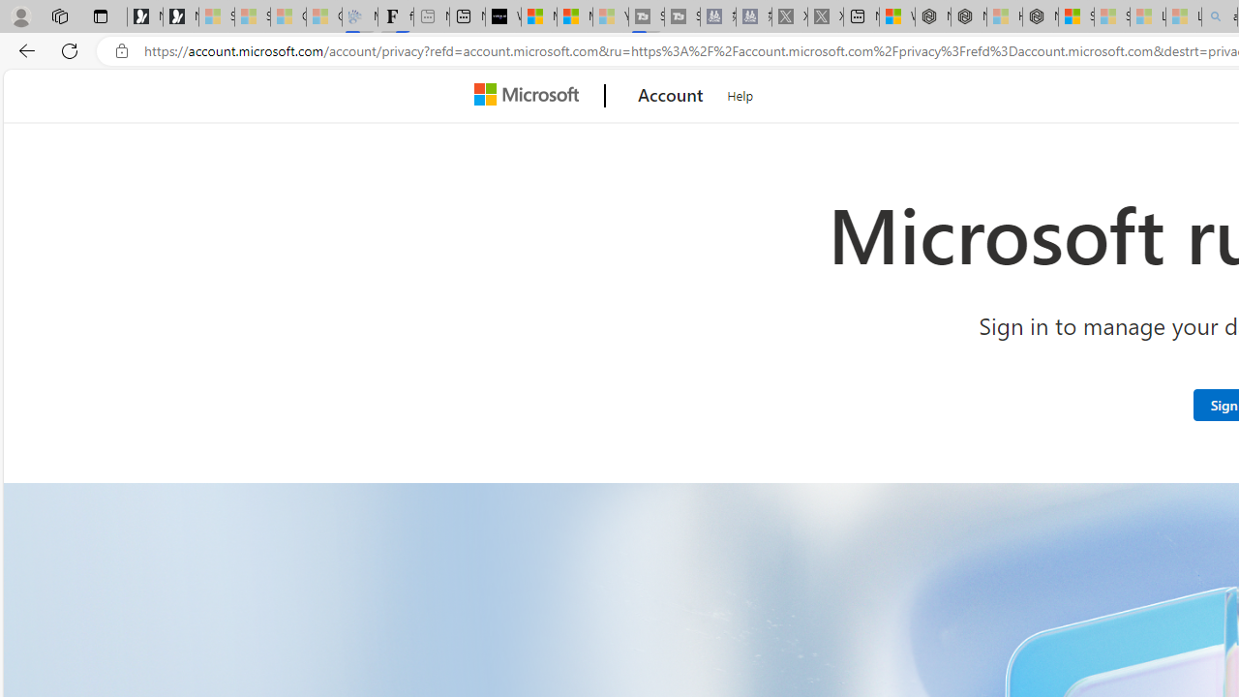 This screenshot has width=1239, height=697. What do you see at coordinates (895, 16) in the screenshot?
I see `'Wildlife - MSN'` at bounding box center [895, 16].